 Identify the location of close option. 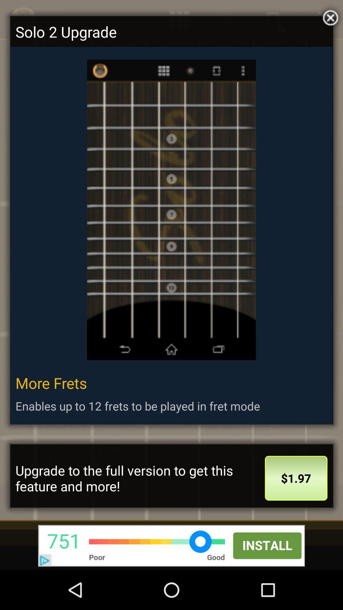
(329, 16).